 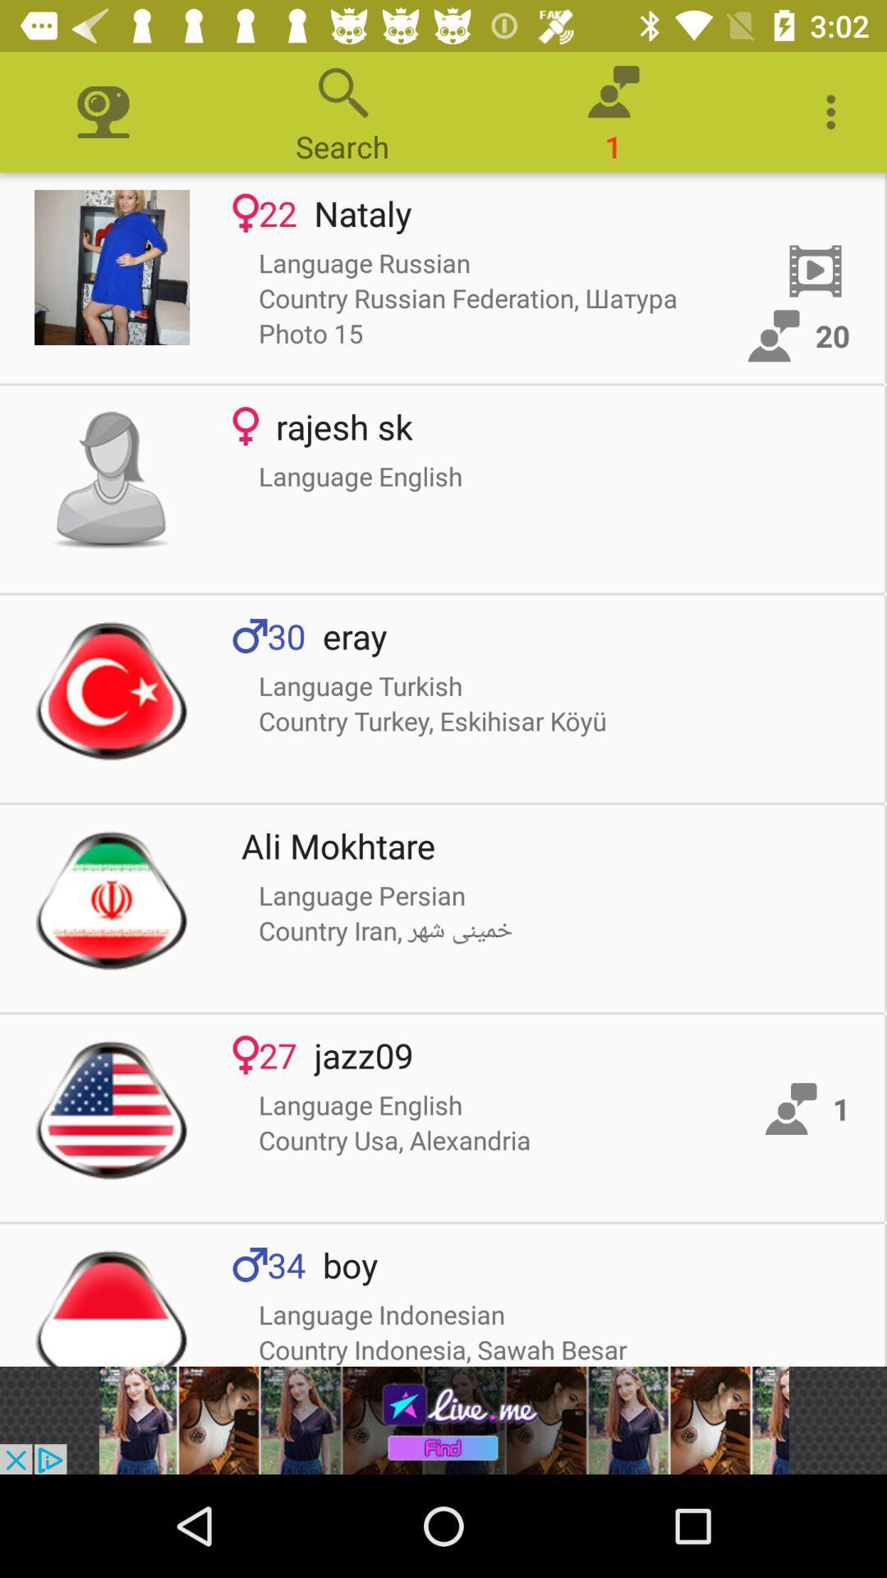 I want to click on open profile of nataly, so click(x=111, y=267).